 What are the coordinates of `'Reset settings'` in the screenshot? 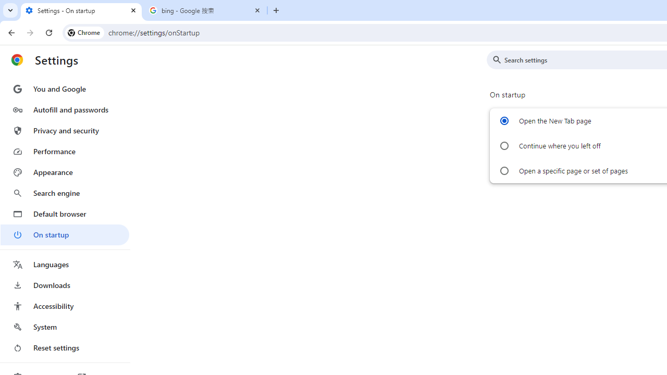 It's located at (64, 348).